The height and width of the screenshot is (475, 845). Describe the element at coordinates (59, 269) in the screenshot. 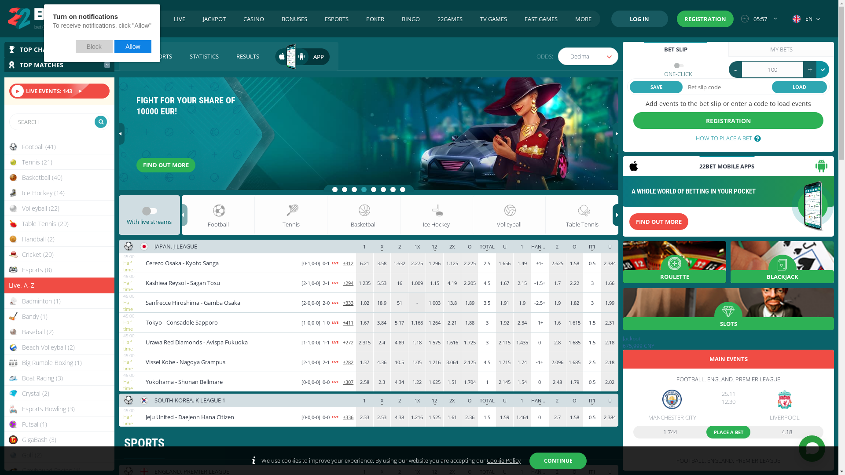

I see `'Esports` at that location.